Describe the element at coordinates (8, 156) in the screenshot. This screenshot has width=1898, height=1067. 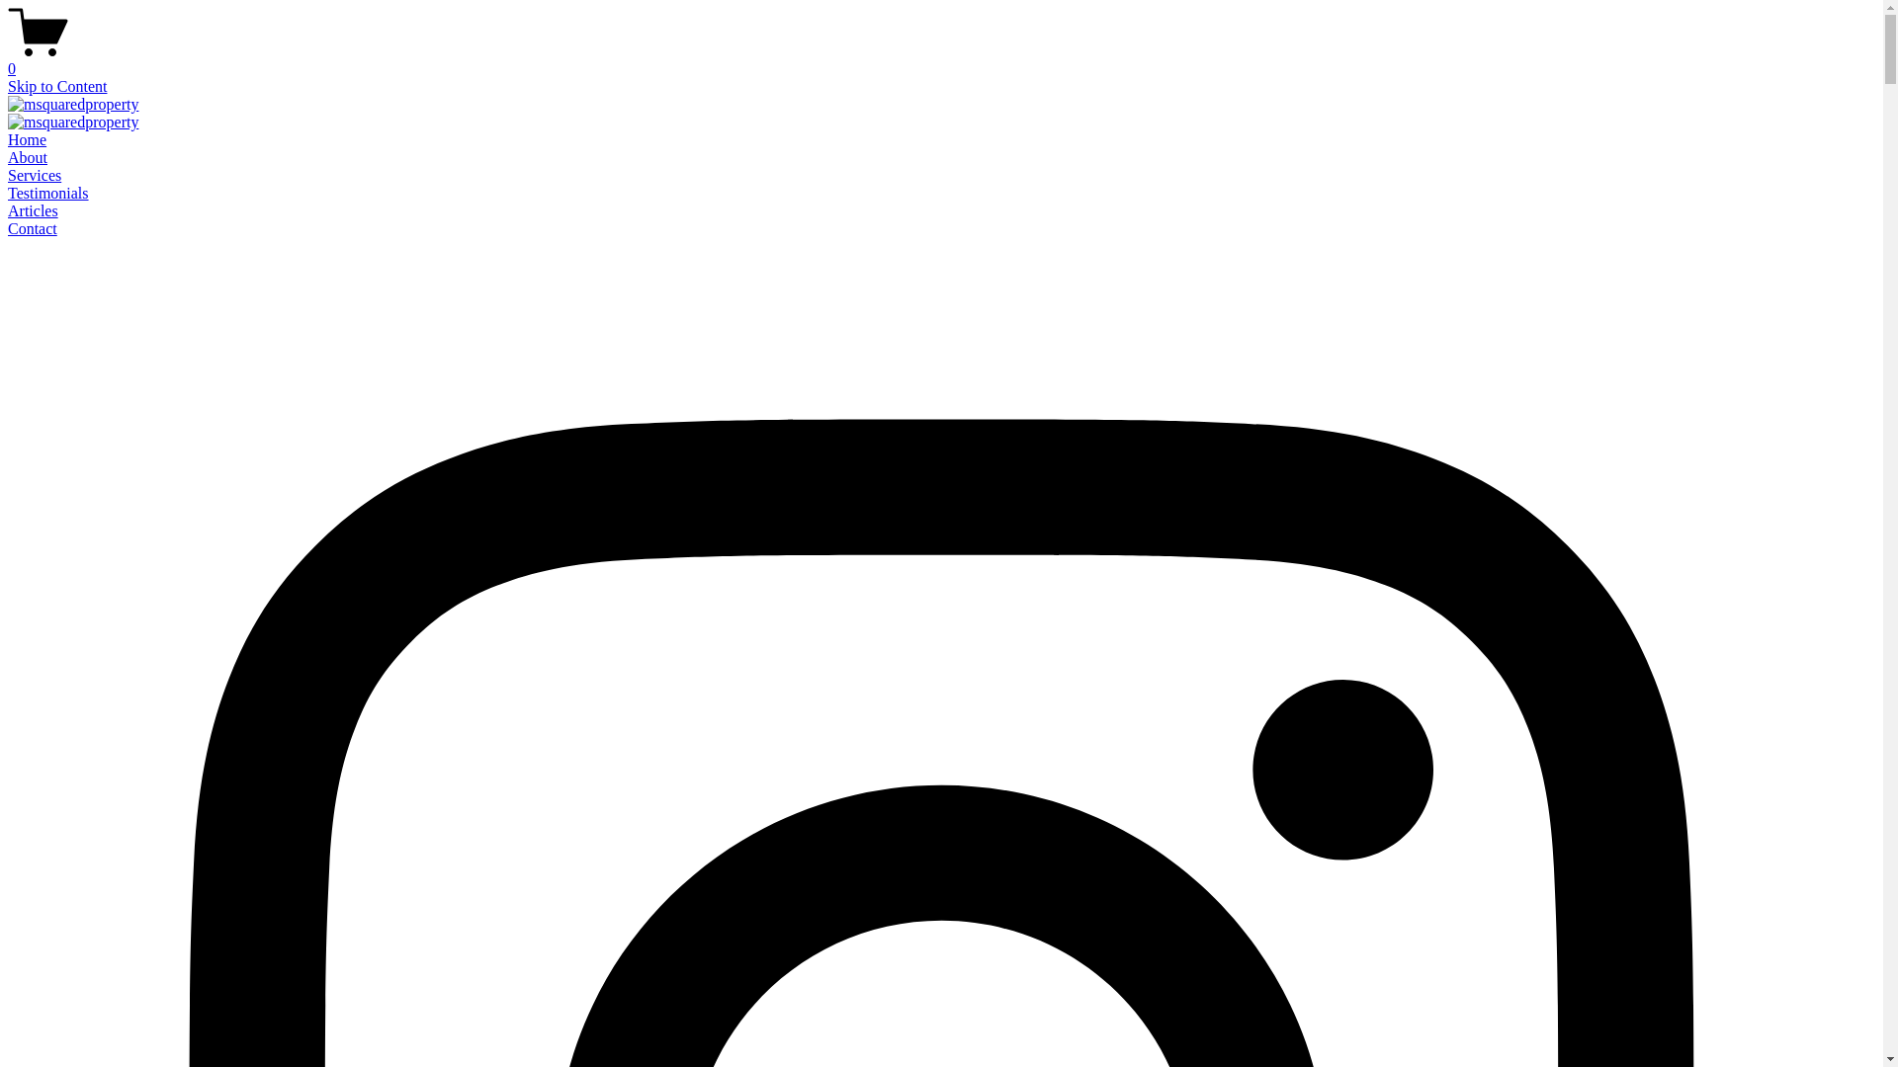
I see `'About'` at that location.